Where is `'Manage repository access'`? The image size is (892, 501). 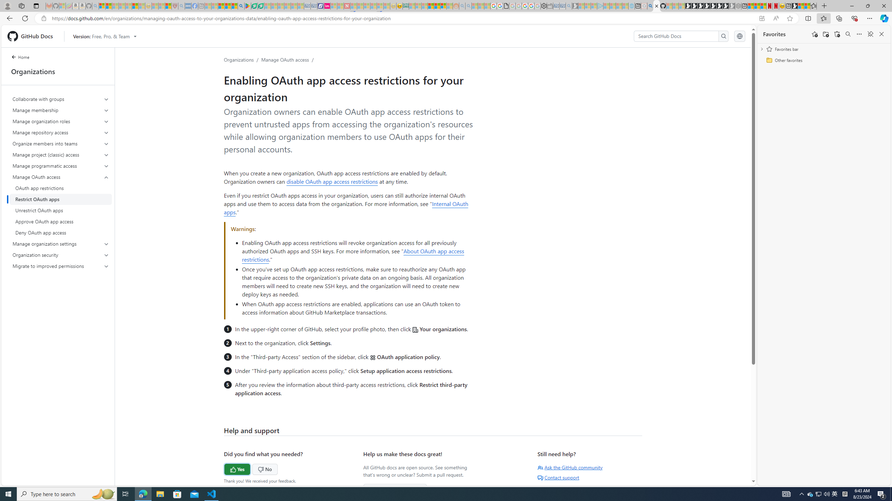 'Manage repository access' is located at coordinates (61, 132).